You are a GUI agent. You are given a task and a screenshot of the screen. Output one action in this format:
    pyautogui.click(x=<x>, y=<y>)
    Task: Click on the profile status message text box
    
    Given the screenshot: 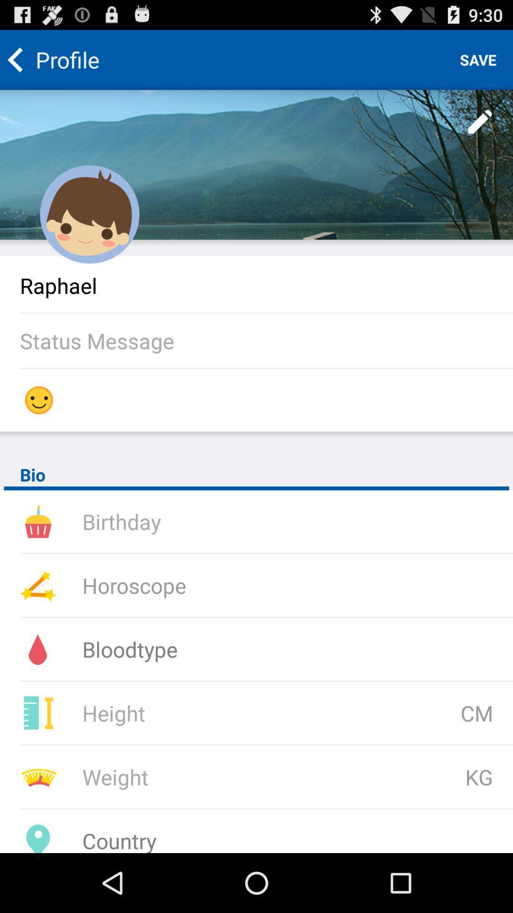 What is the action you would take?
    pyautogui.click(x=266, y=340)
    